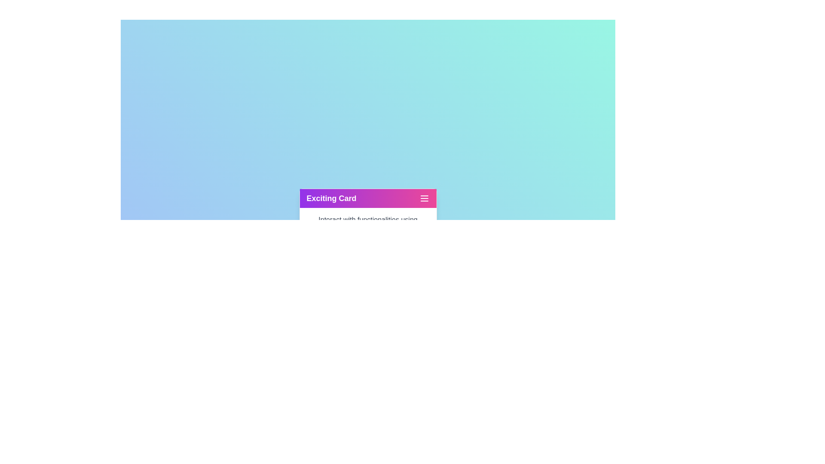  What do you see at coordinates (331, 198) in the screenshot?
I see `the text label displaying 'Exciting Card', which serves as a header or identifier for the associated section in the UI` at bounding box center [331, 198].